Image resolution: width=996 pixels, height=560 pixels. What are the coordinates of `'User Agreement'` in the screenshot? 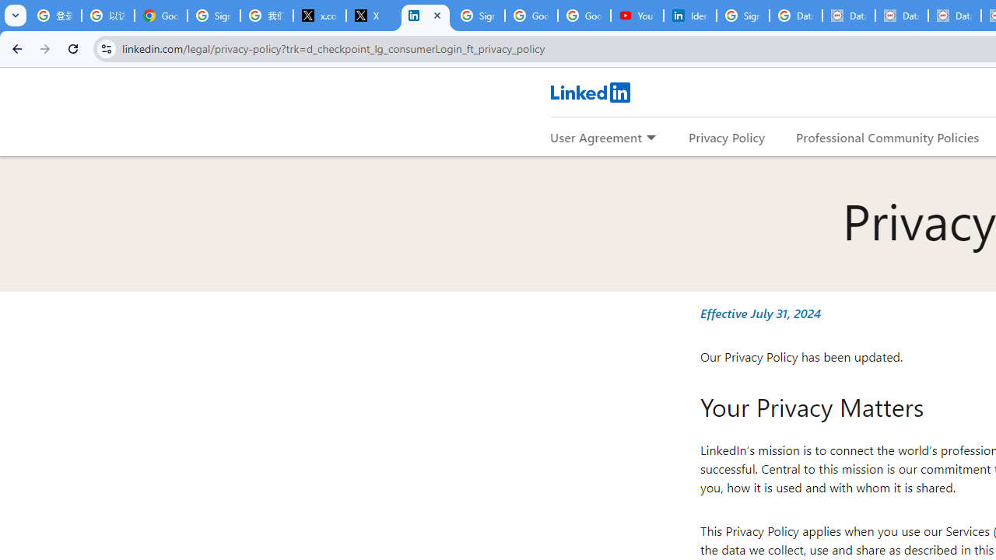 It's located at (595, 136).